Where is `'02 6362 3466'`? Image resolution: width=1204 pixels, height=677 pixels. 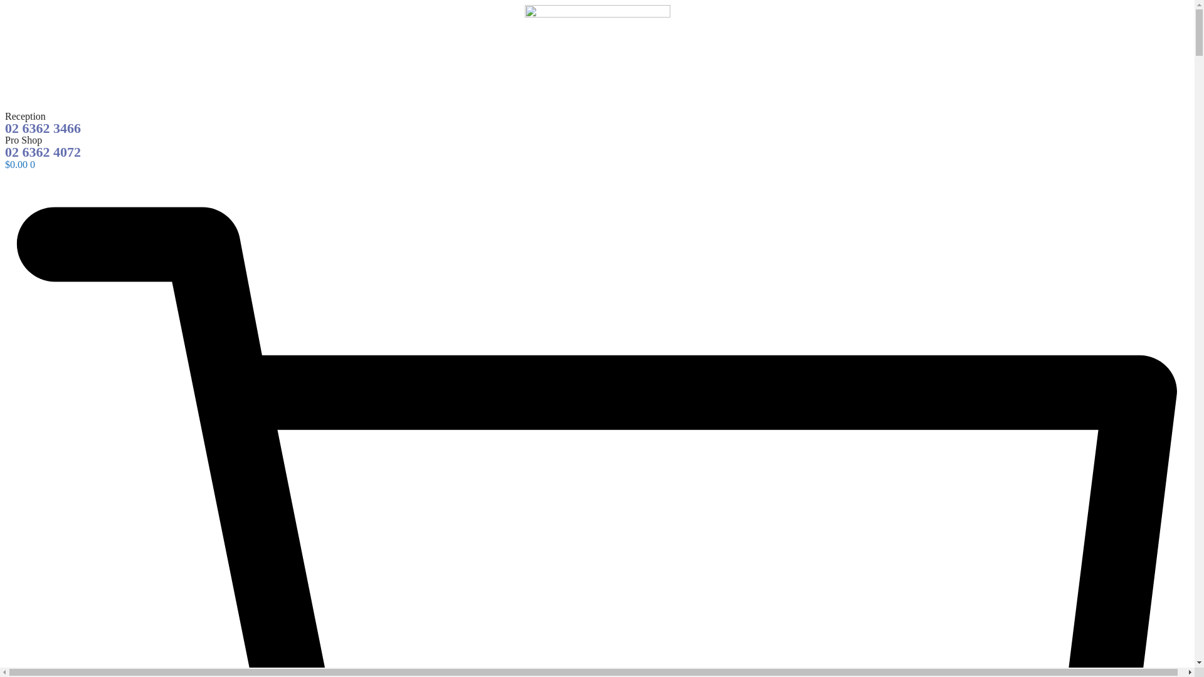 '02 6362 3466' is located at coordinates (43, 128).